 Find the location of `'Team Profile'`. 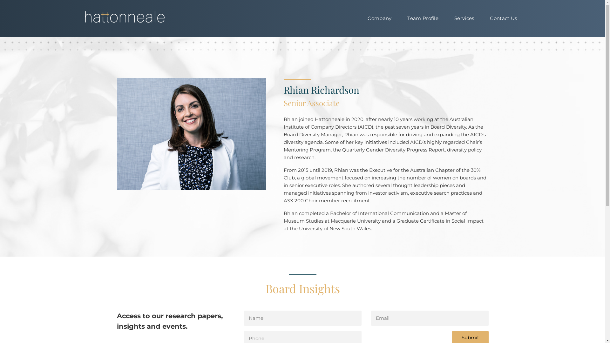

'Team Profile' is located at coordinates (423, 18).